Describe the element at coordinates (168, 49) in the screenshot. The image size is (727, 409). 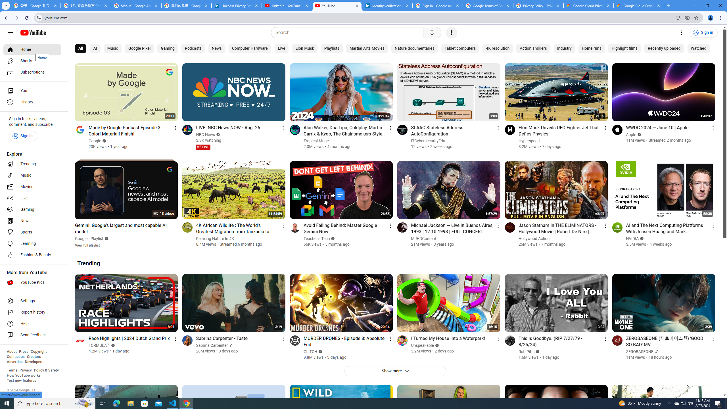
I see `'Gaming'` at that location.